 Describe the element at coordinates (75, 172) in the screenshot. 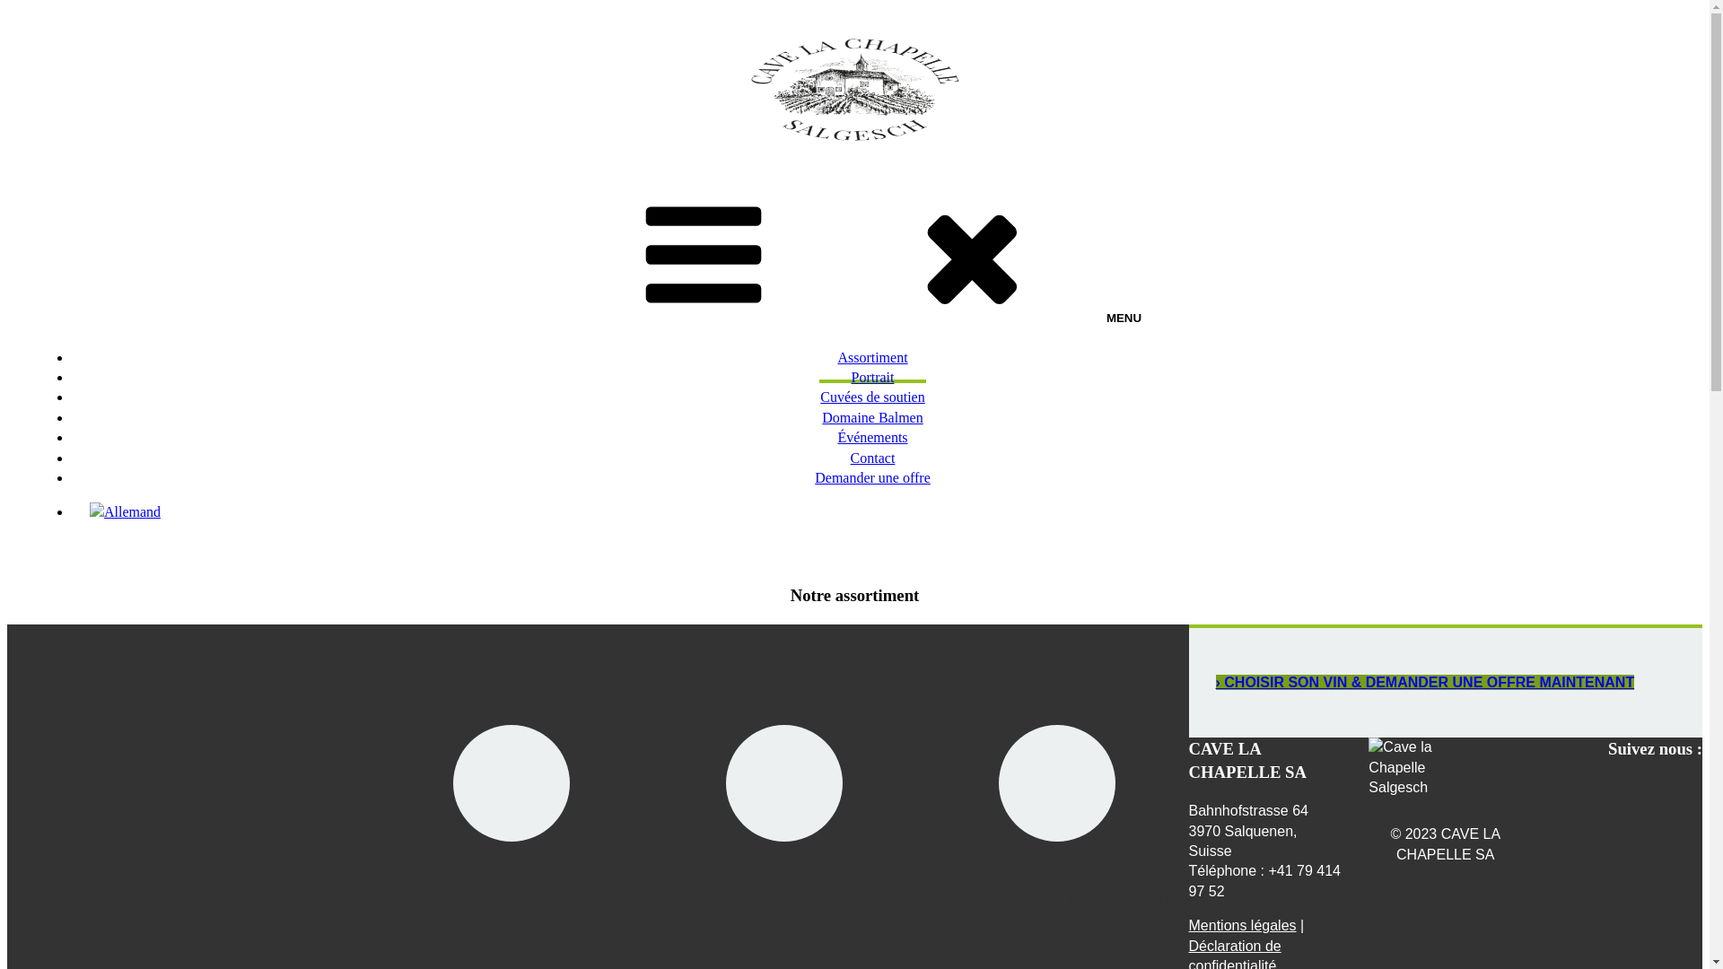

I see `'CAVE LA CHAPELLE'` at that location.